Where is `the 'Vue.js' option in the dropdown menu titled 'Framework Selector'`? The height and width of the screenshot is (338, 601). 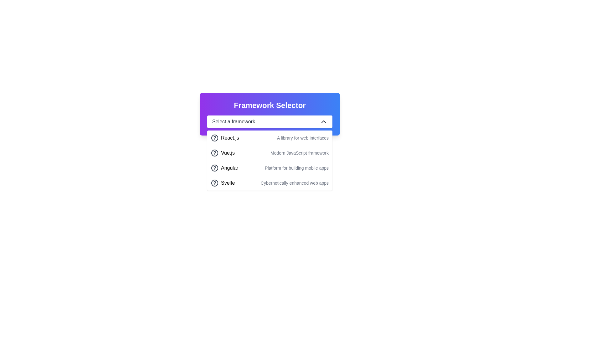 the 'Vue.js' option in the dropdown menu titled 'Framework Selector' is located at coordinates (227, 153).